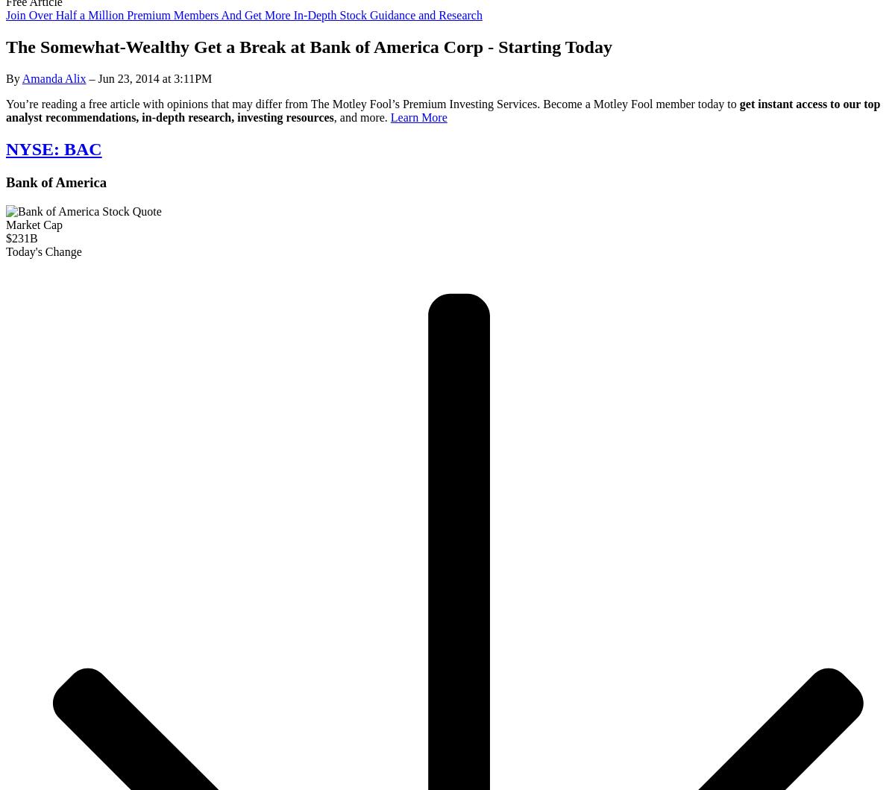 The height and width of the screenshot is (790, 895). What do you see at coordinates (148, 78) in the screenshot?
I see `'–
Jun 23, 2014 at 3:11PM'` at bounding box center [148, 78].